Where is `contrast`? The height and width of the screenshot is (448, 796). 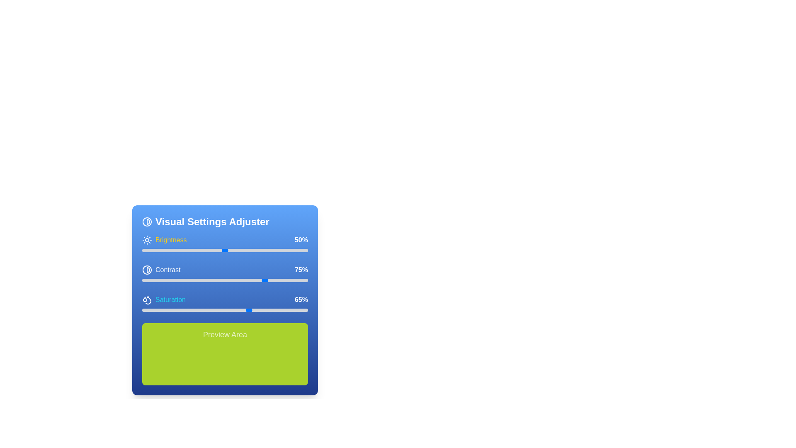 contrast is located at coordinates (168, 280).